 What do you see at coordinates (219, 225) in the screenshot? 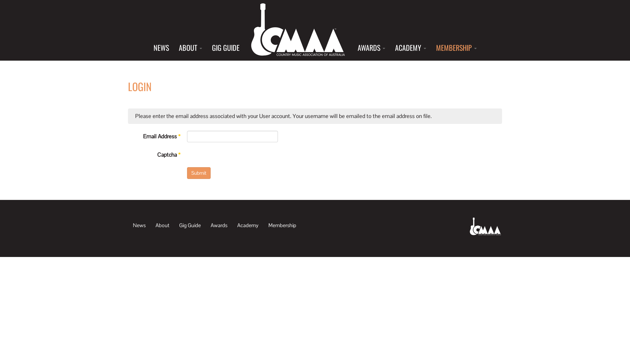
I see `'Awards'` at bounding box center [219, 225].